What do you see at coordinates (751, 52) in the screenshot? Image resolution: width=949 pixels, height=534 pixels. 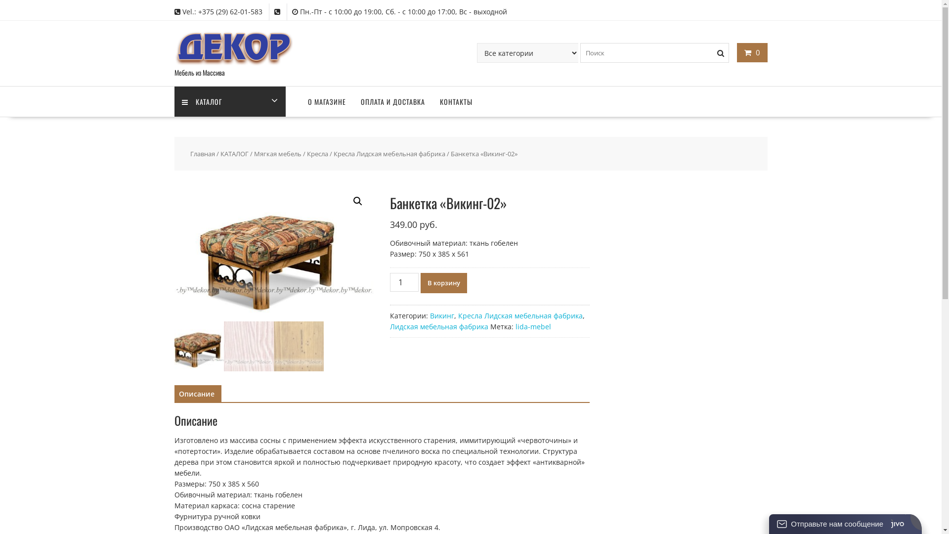 I see `'0'` at bounding box center [751, 52].